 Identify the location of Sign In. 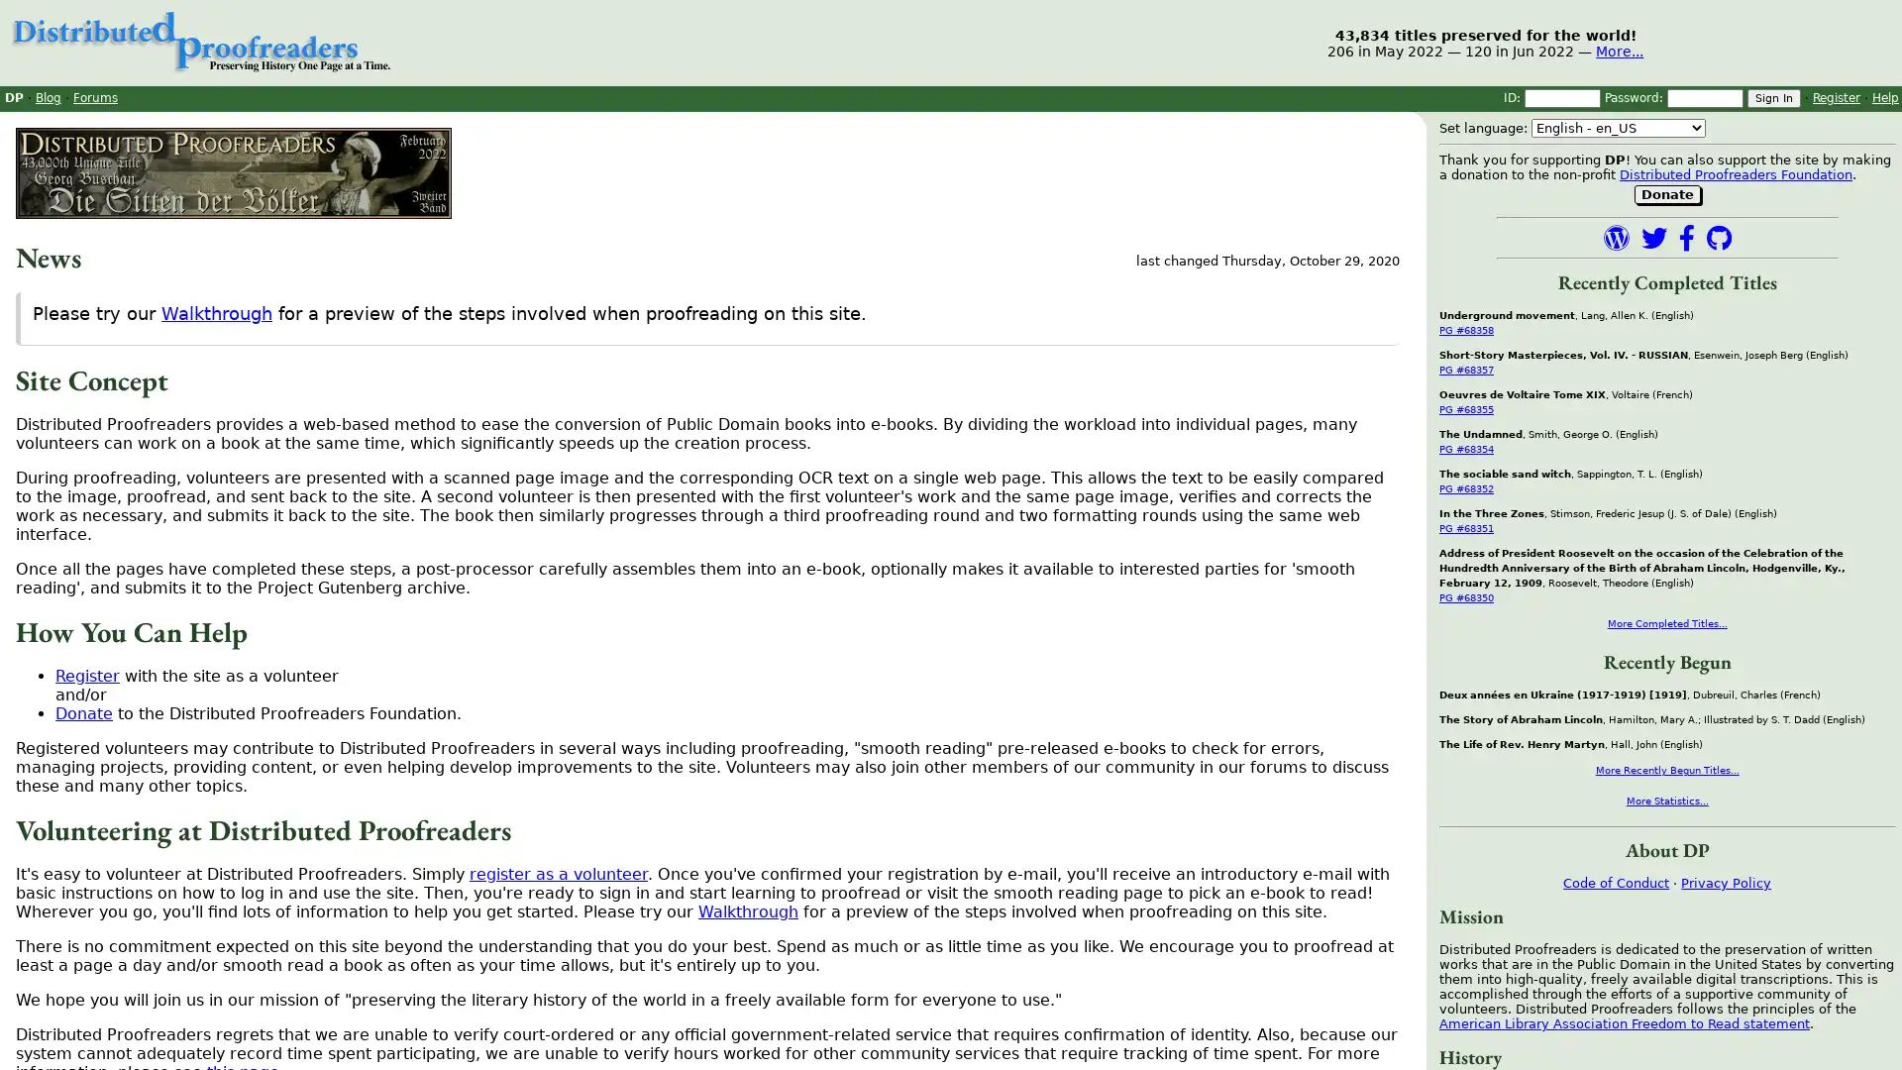
(1773, 98).